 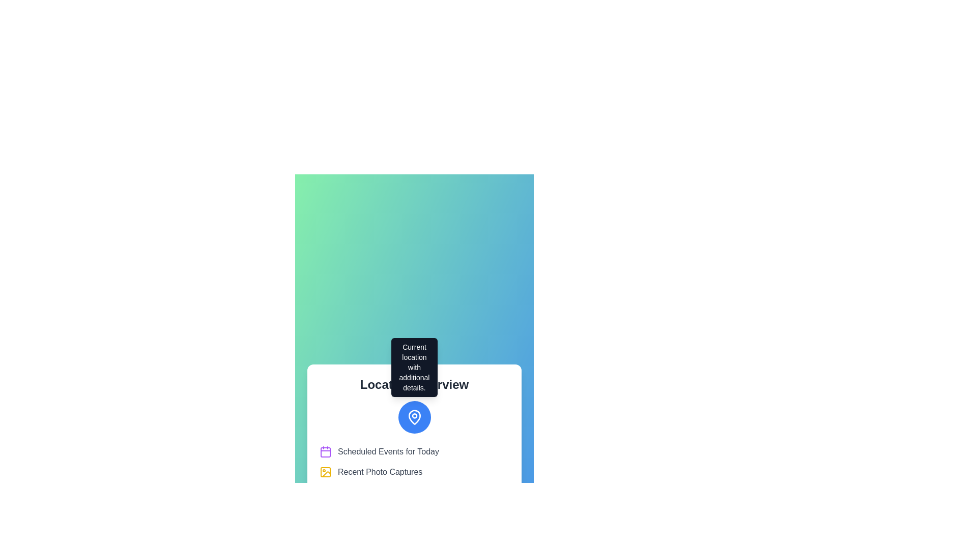 What do you see at coordinates (414, 384) in the screenshot?
I see `the 'Location Overview' text label, which is a large bold serif font in deep gray, positioned at the top of a card-like structure with rounded corners` at bounding box center [414, 384].